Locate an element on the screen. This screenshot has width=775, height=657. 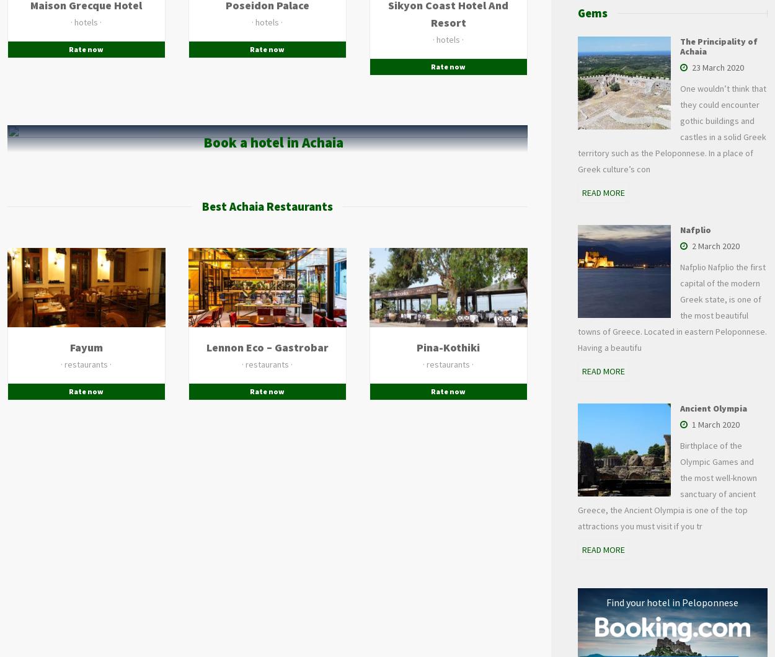
'Book a hotel in Achaia' is located at coordinates (273, 141).